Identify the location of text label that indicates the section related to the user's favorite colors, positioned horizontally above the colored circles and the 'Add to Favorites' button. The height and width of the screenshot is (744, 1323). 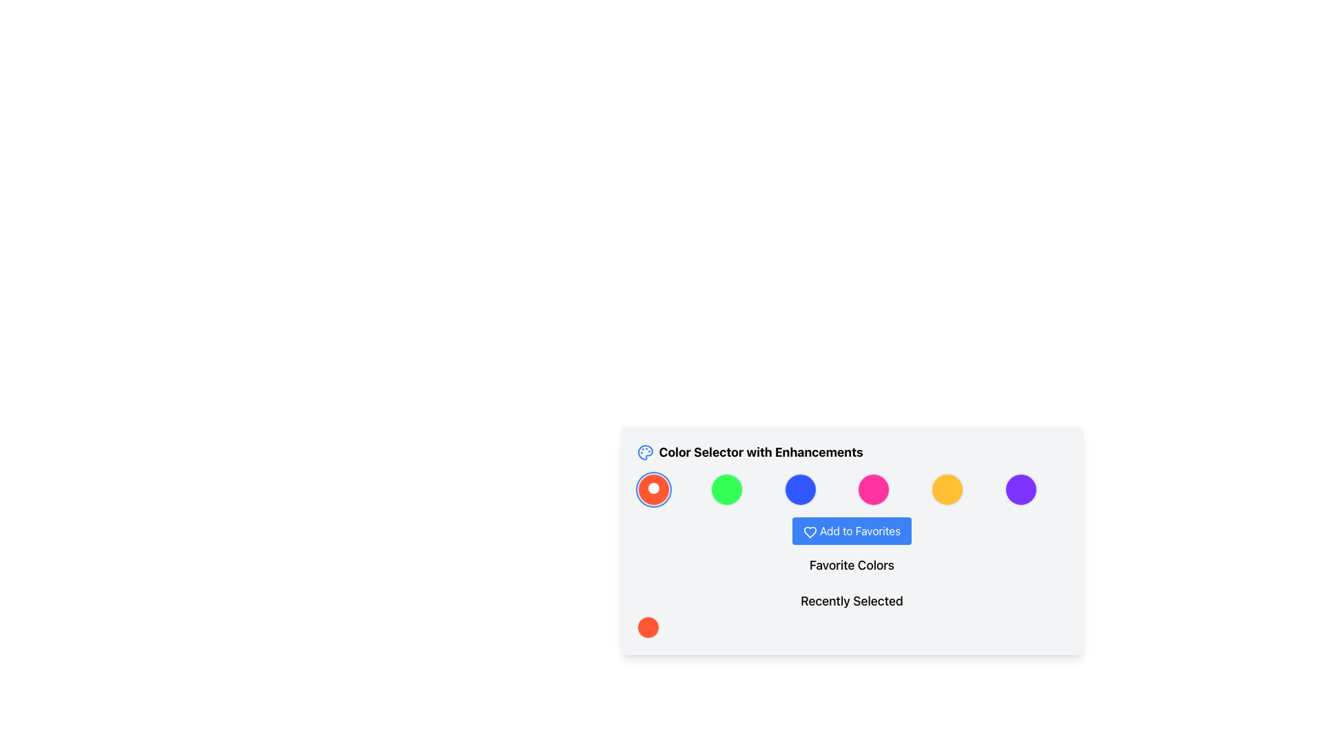
(851, 566).